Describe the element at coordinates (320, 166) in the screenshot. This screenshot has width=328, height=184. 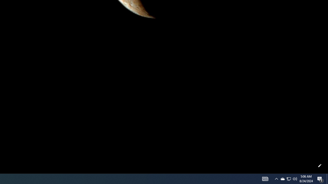
I see `'Customize this page'` at that location.